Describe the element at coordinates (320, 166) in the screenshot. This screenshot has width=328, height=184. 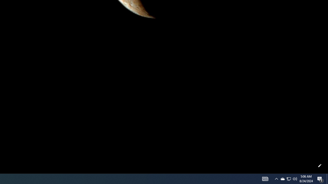
I see `'Customize this page'` at that location.